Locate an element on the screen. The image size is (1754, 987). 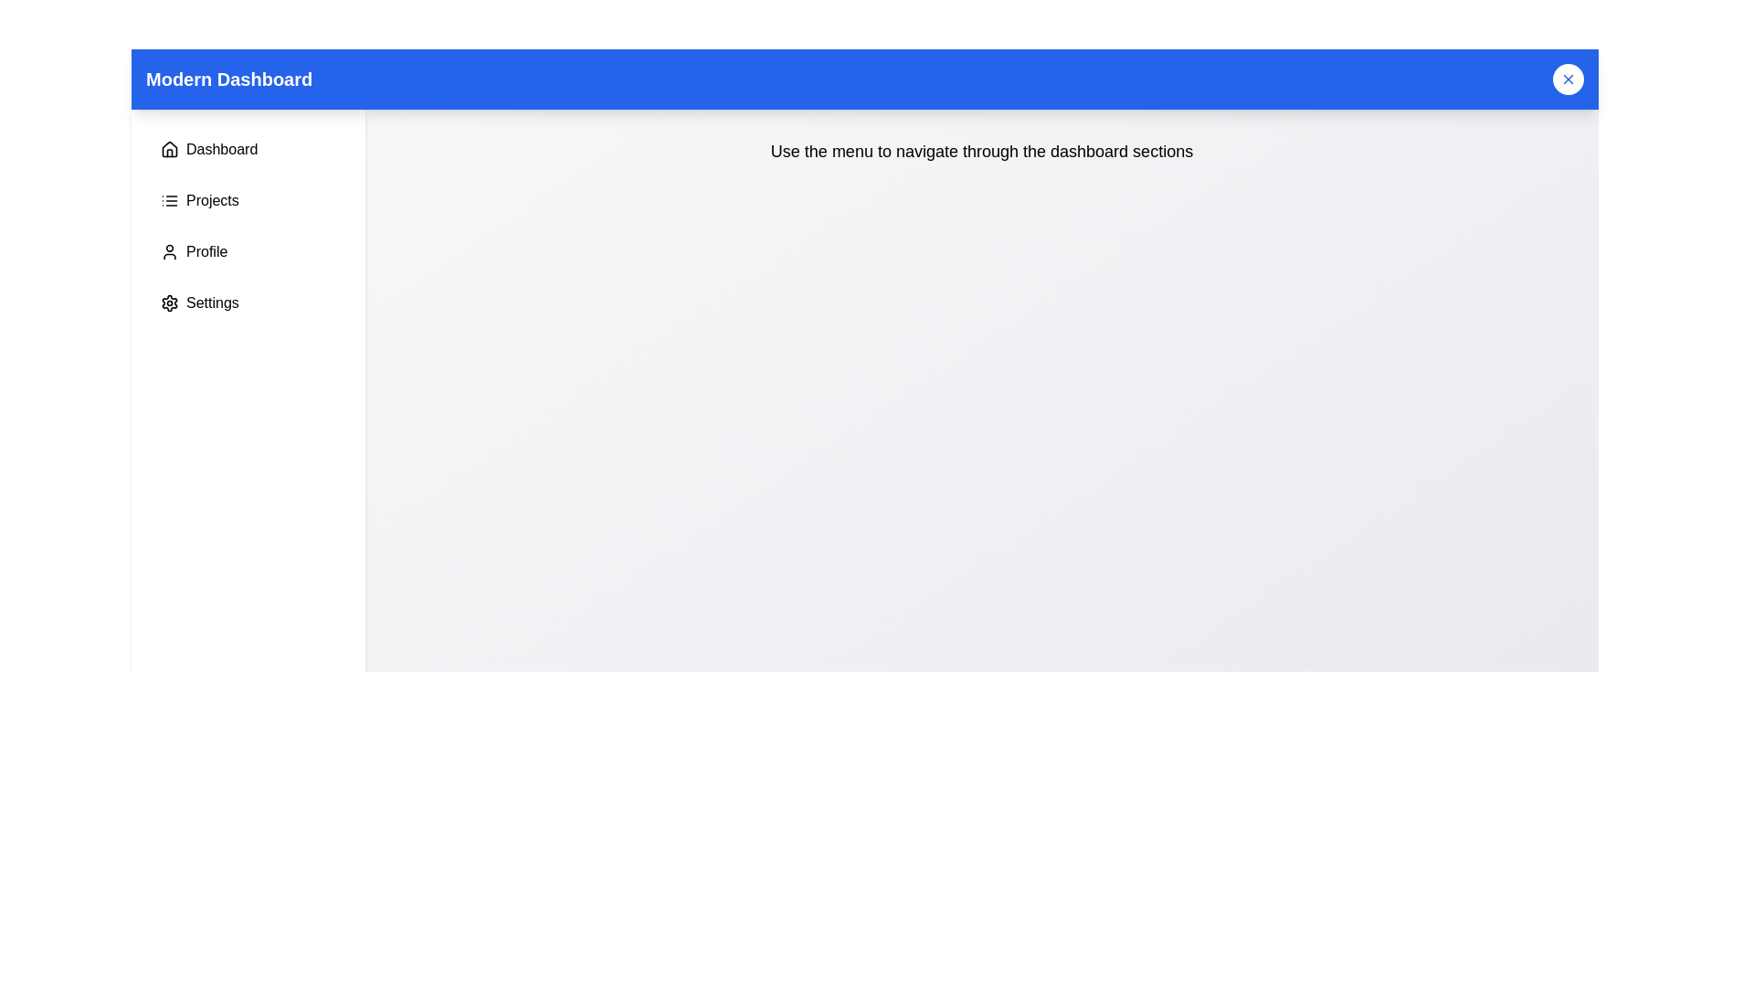
the gear-shaped settings icon located in the left sidebar is located at coordinates (170, 302).